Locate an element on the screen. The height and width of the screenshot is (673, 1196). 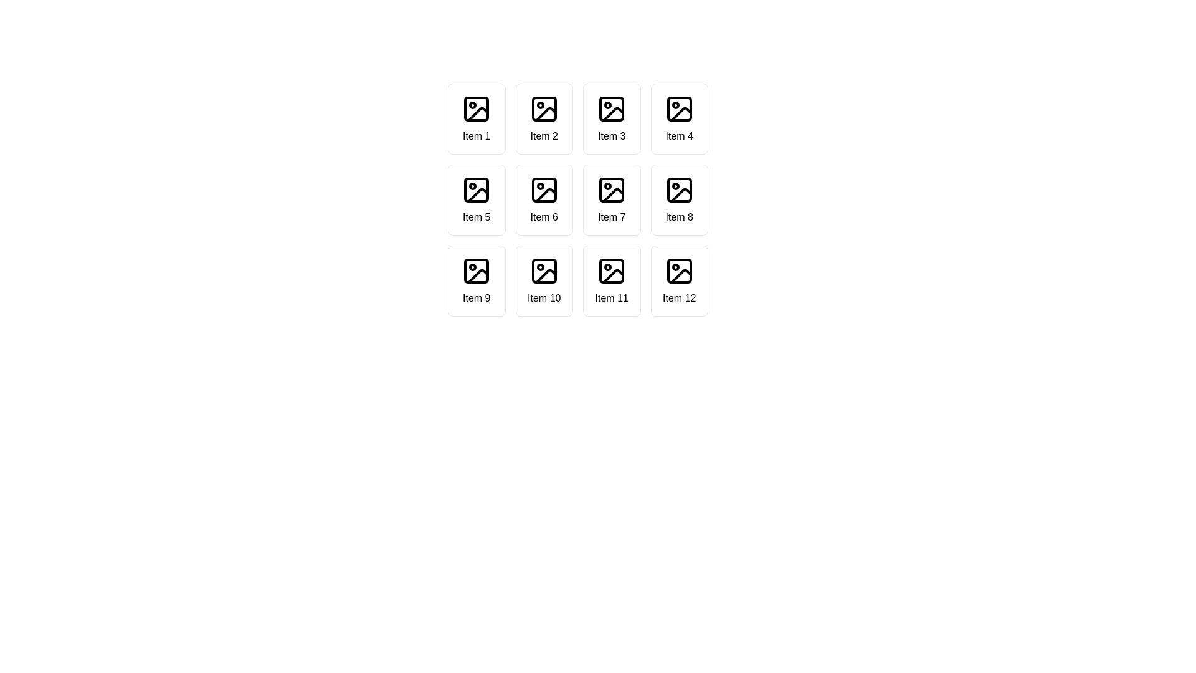
the text label displaying 'Item 3' located in the third column of the first row within a 4x3 grid structure is located at coordinates (612, 136).